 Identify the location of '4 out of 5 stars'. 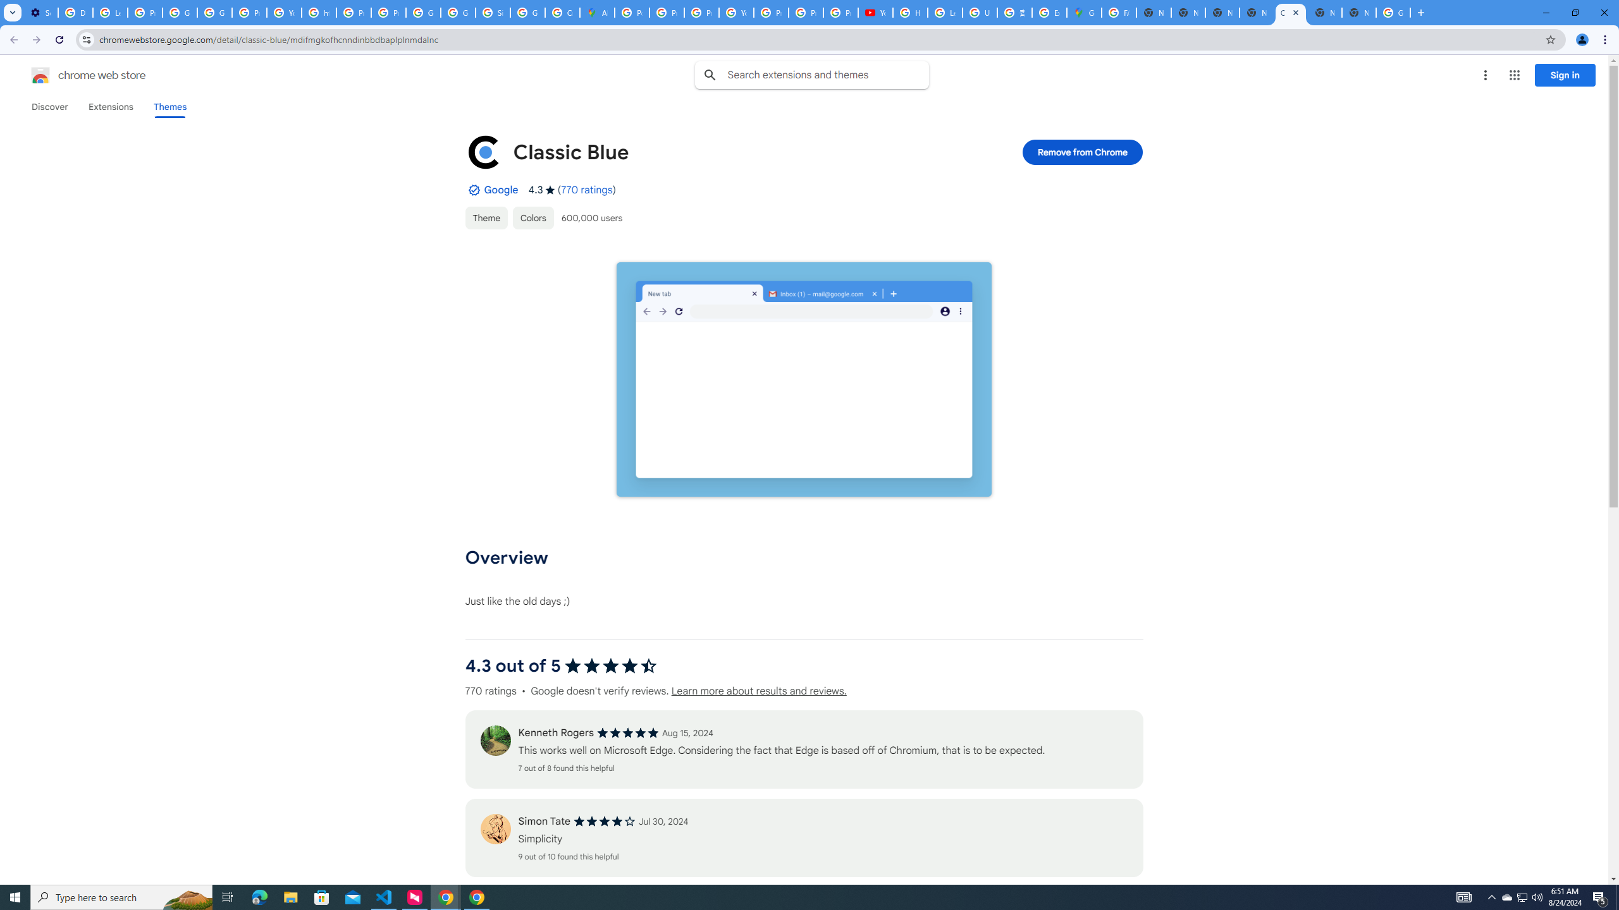
(604, 821).